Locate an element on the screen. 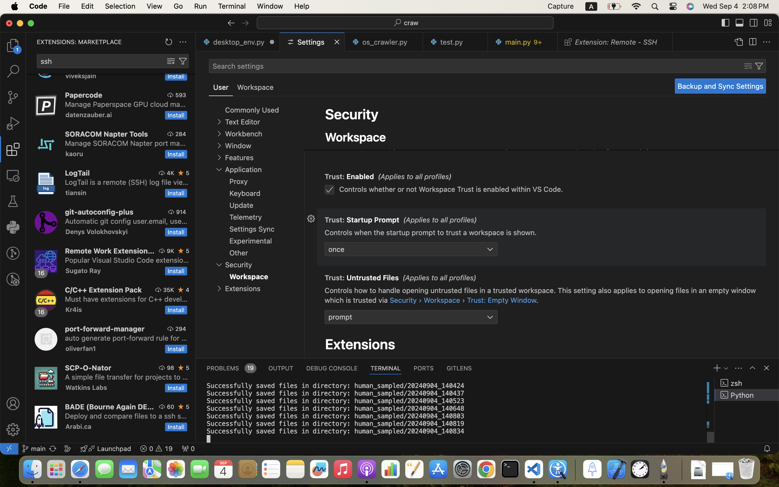 Image resolution: width=779 pixels, height=487 pixels. 'Settings Sync' is located at coordinates (251, 229).